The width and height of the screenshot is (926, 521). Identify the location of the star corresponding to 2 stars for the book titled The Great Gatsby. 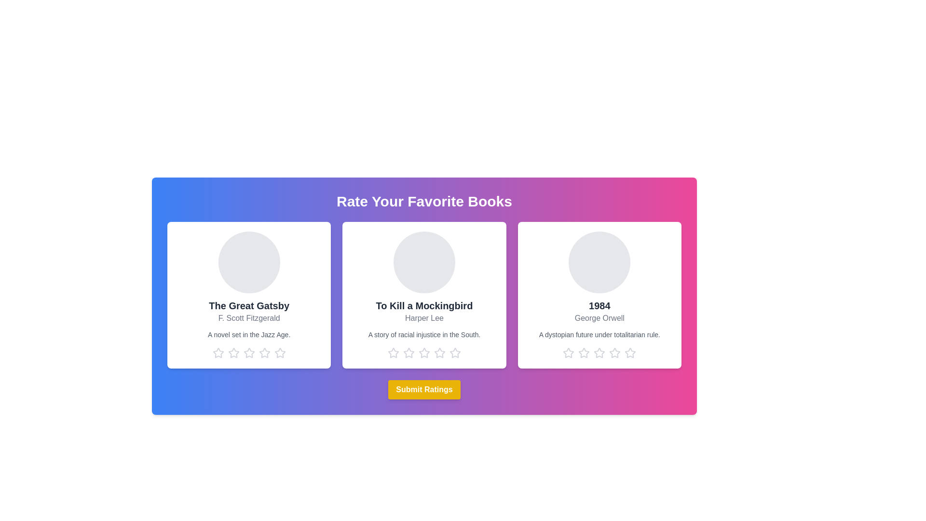
(233, 353).